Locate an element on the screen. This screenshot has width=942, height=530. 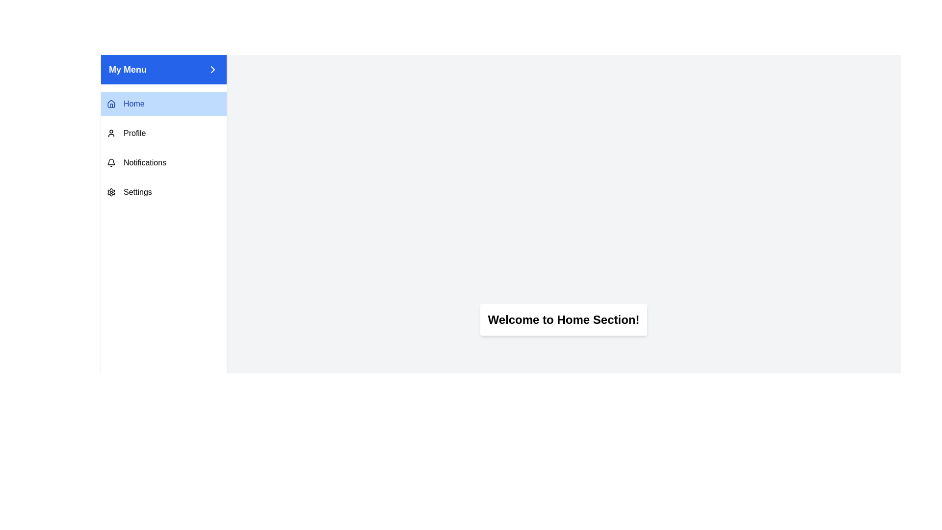
the 'Home' button located in the left sidebar, which is the first item above 'Profile', 'Notifications', and 'Settings' is located at coordinates (164, 104).